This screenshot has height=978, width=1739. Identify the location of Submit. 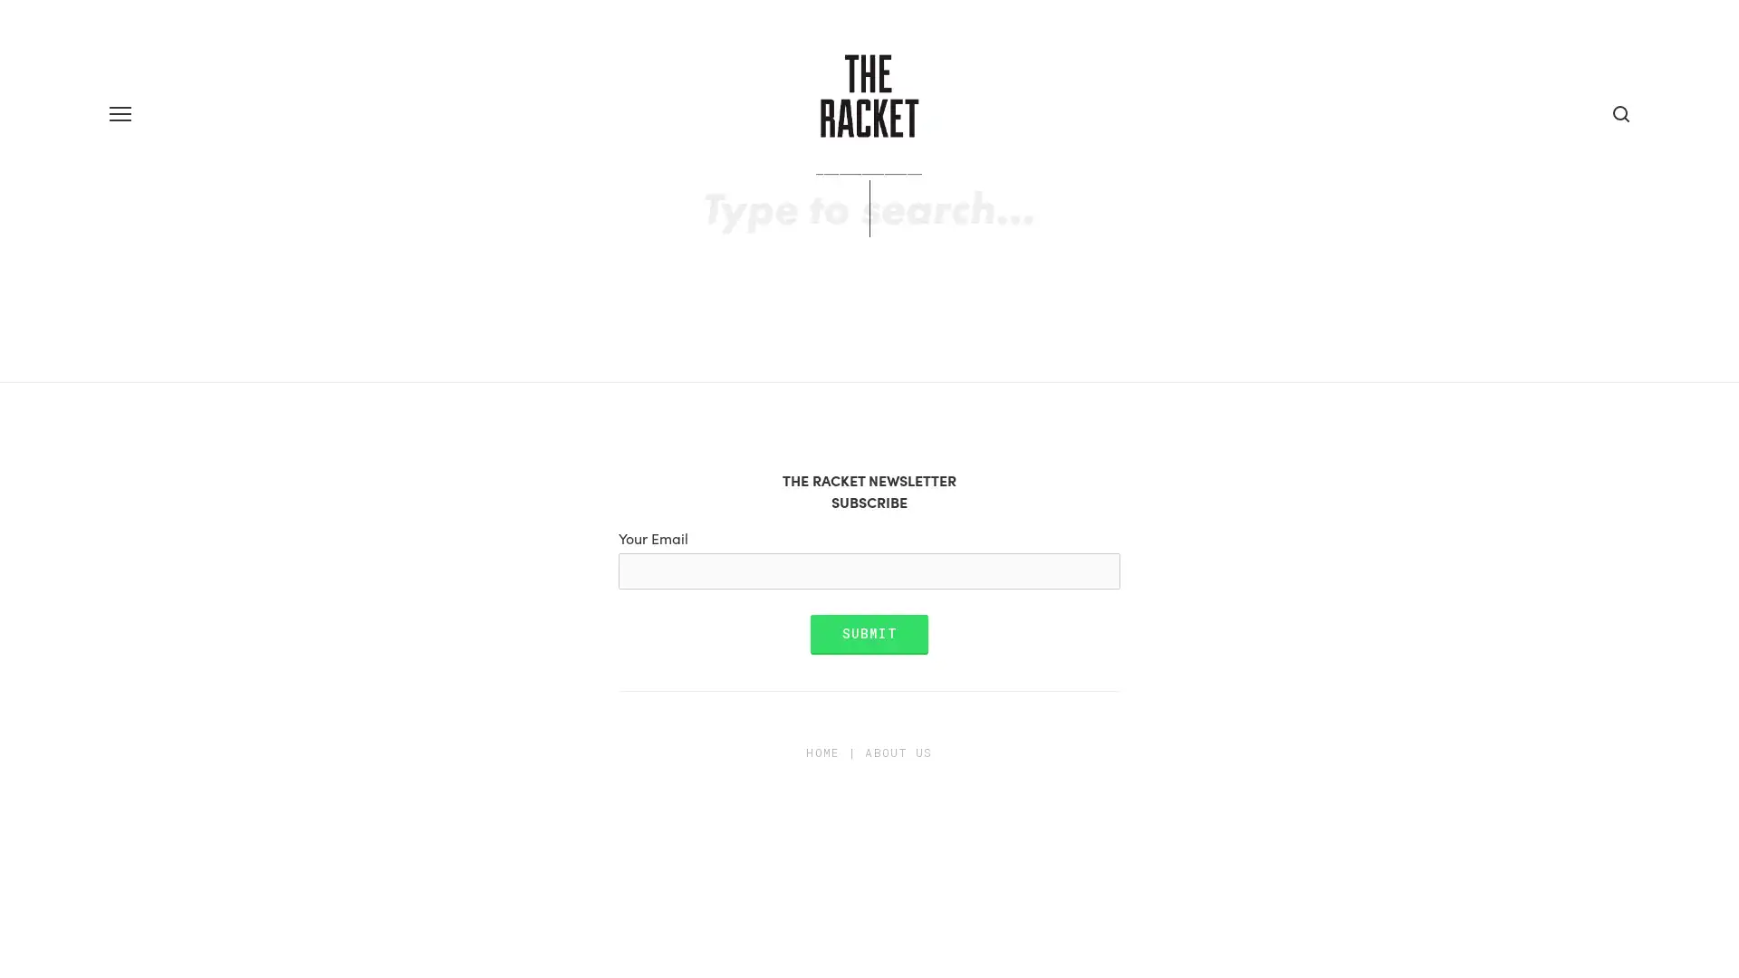
(868, 694).